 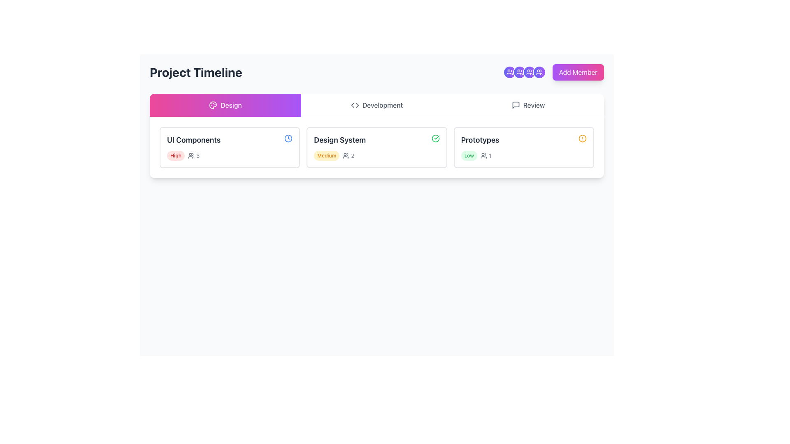 What do you see at coordinates (486, 155) in the screenshot?
I see `the Count indicator with icon displaying the number '1' next to the 'Low' label in the 'Prototypes' card` at bounding box center [486, 155].